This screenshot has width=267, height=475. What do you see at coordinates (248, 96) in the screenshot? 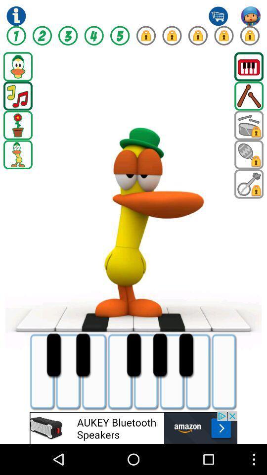
I see `drumsticks` at bounding box center [248, 96].